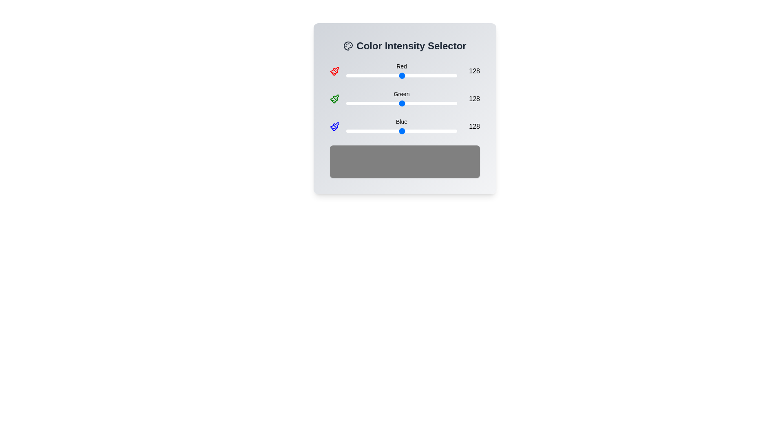 Image resolution: width=783 pixels, height=440 pixels. Describe the element at coordinates (447, 130) in the screenshot. I see `the blue color intensity` at that location.